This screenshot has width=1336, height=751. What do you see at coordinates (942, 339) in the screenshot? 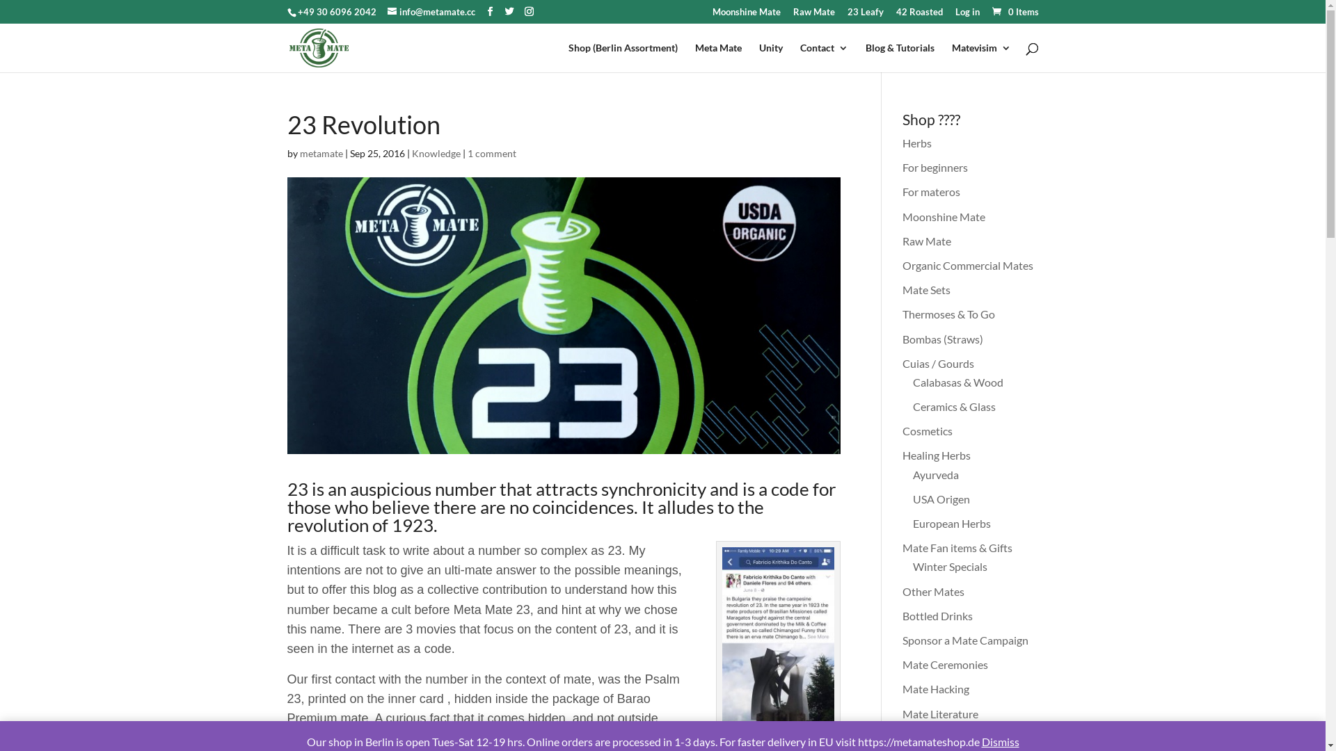
I see `'Bombas (Straws)'` at bounding box center [942, 339].